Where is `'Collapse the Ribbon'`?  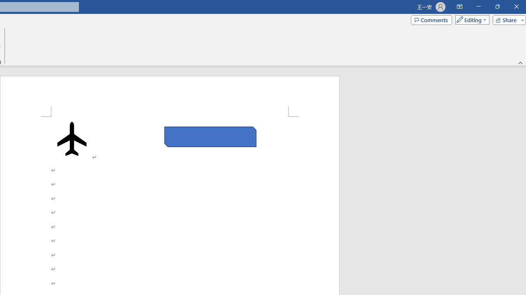 'Collapse the Ribbon' is located at coordinates (520, 62).